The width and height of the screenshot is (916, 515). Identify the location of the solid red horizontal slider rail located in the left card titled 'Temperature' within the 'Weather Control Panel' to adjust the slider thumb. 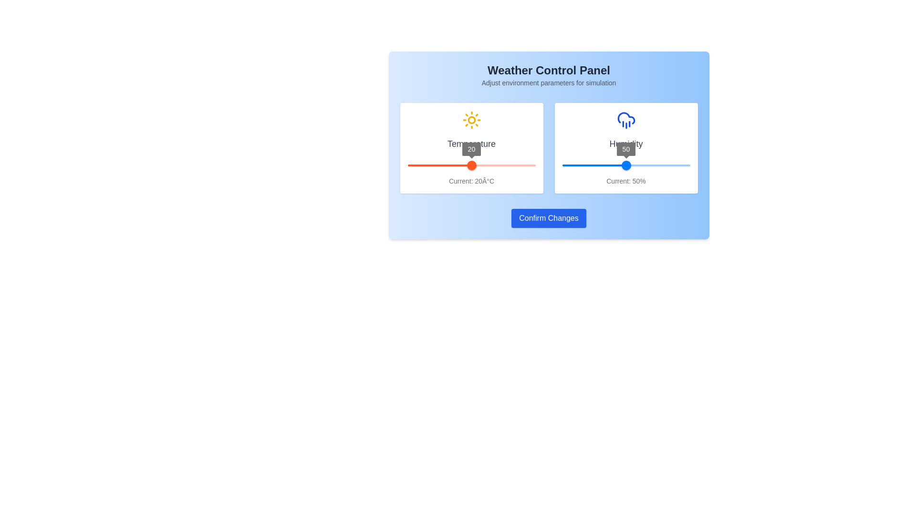
(471, 165).